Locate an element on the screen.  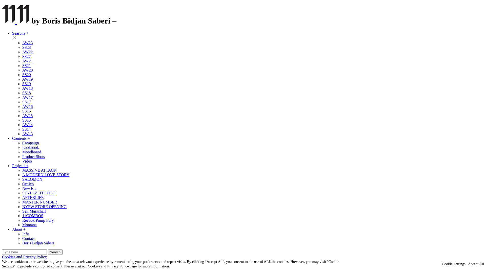
'MASSIVE ATTACK' is located at coordinates (39, 170).